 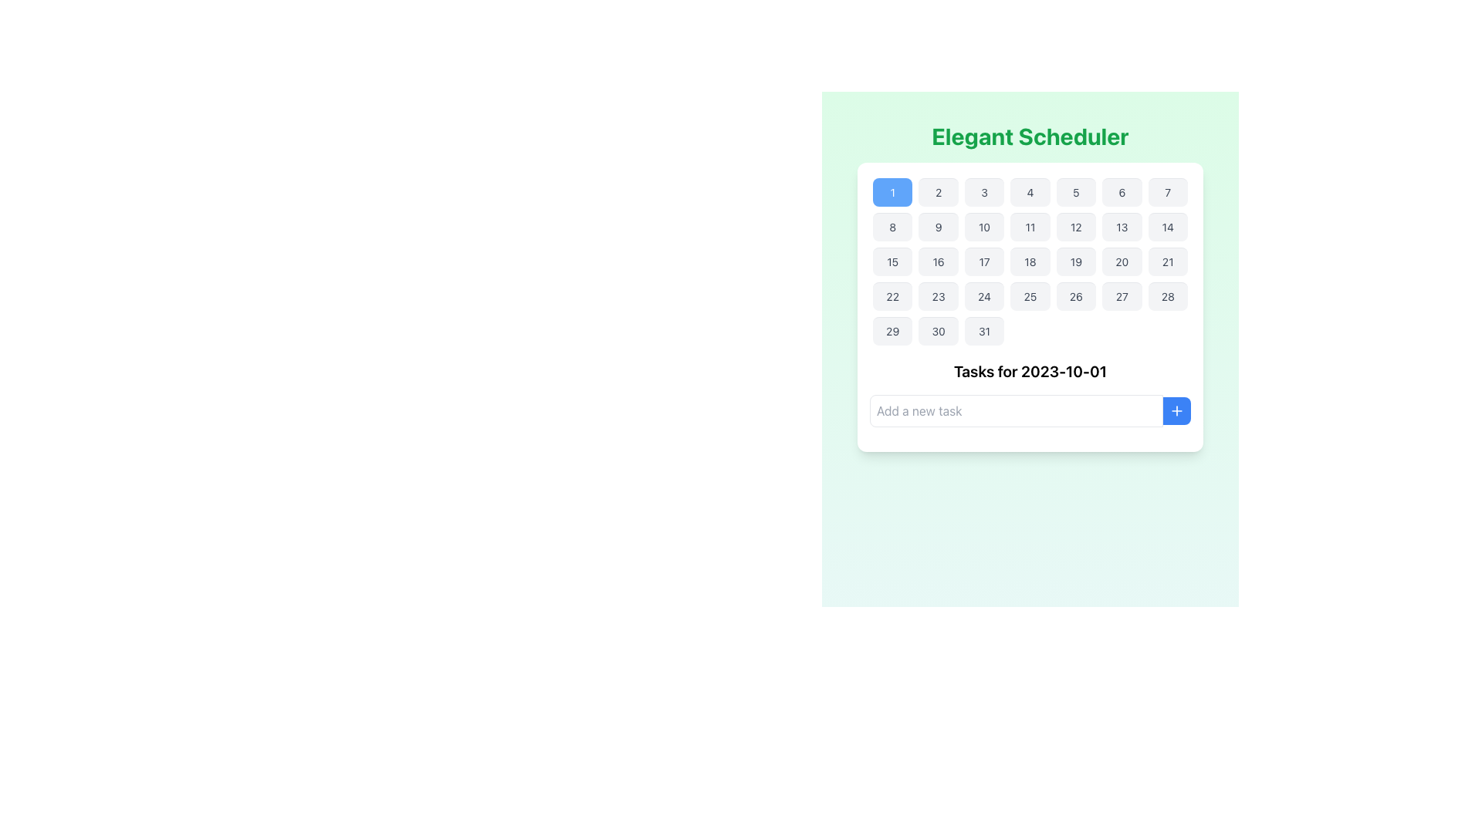 What do you see at coordinates (983, 330) in the screenshot?
I see `the calendar button representing the specific day` at bounding box center [983, 330].